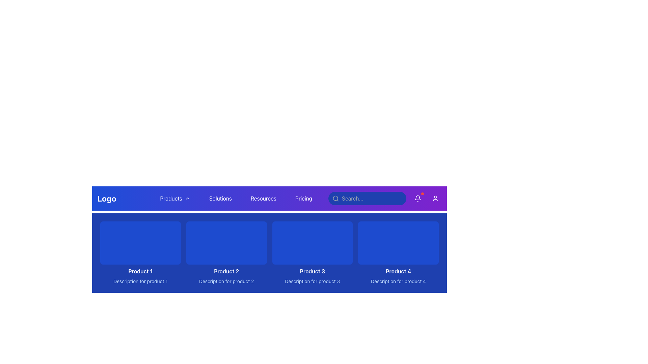 The height and width of the screenshot is (364, 648). Describe the element at coordinates (140, 253) in the screenshot. I see `the product card displaying information about 'Product 1', which is the first item in a grid of similar components located at the top-left corner` at that location.